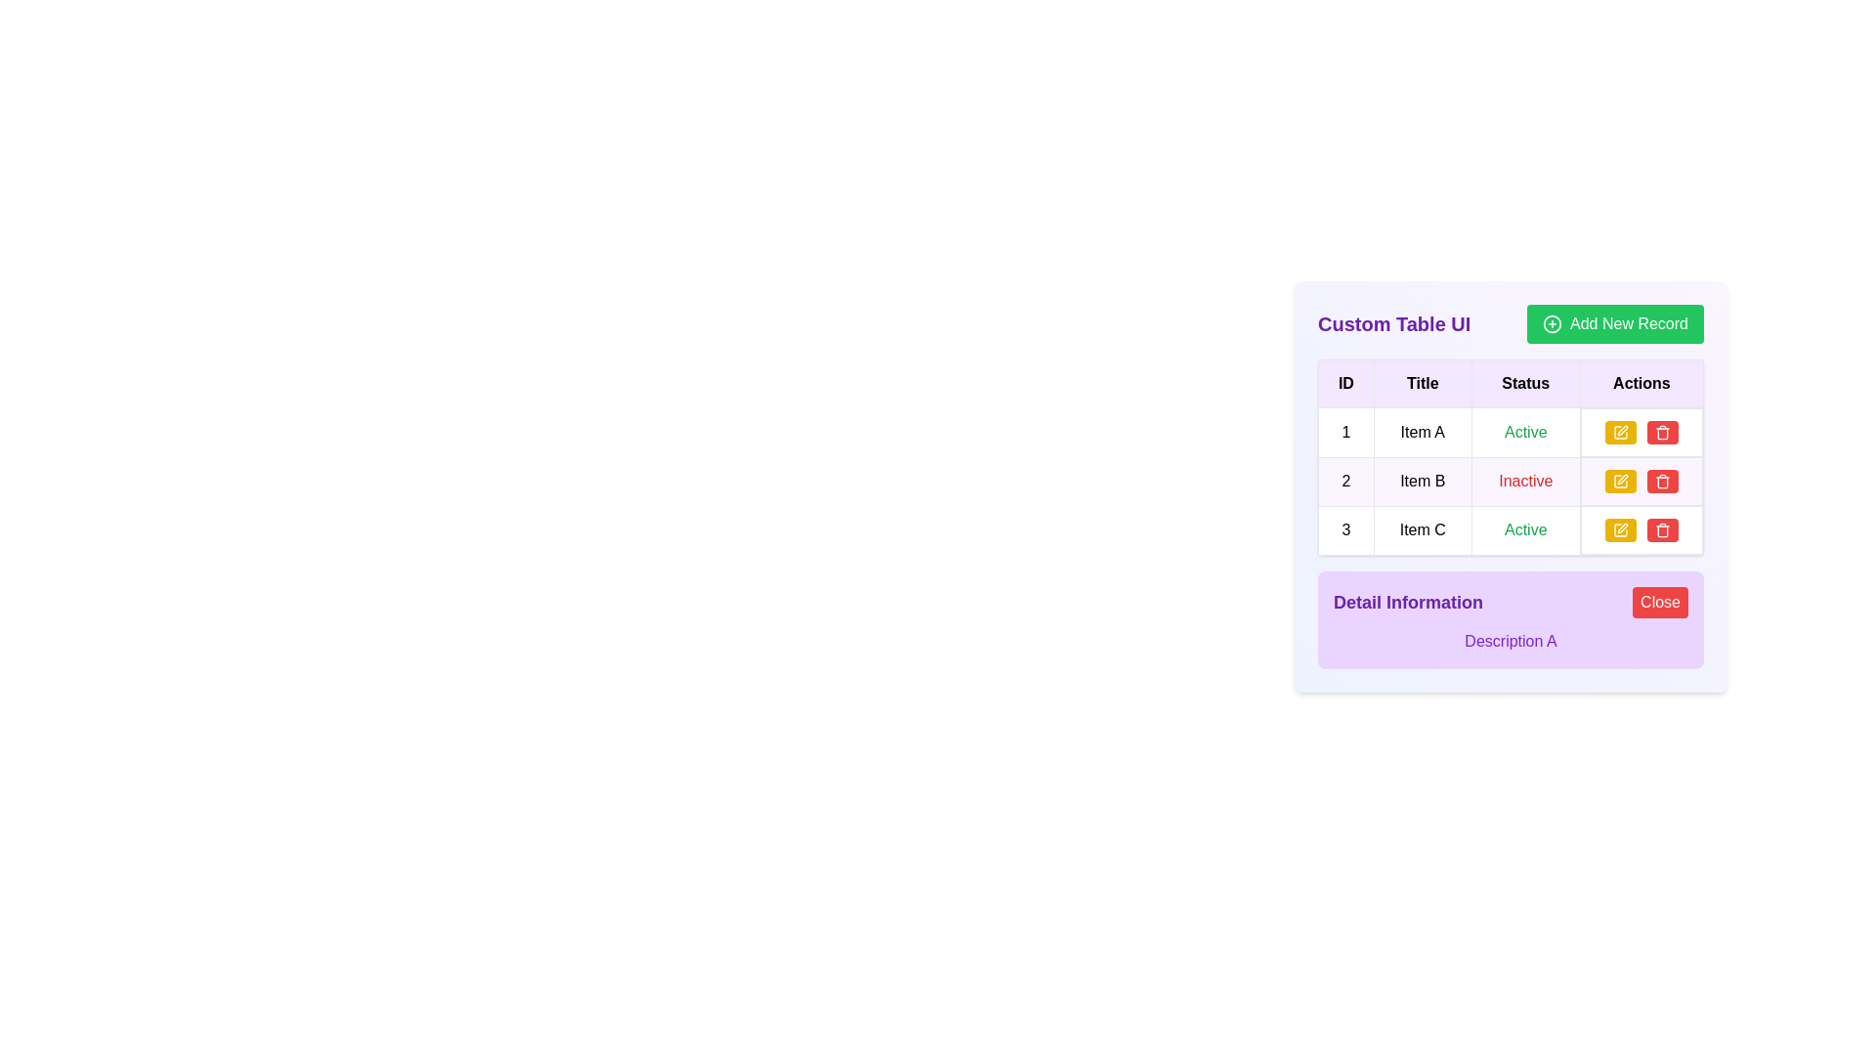 This screenshot has height=1055, width=1876. I want to click on the bright yellow button with rounded corners and a pen icon located in the 'Actions' column of the second row to initiate editing, so click(1619, 482).